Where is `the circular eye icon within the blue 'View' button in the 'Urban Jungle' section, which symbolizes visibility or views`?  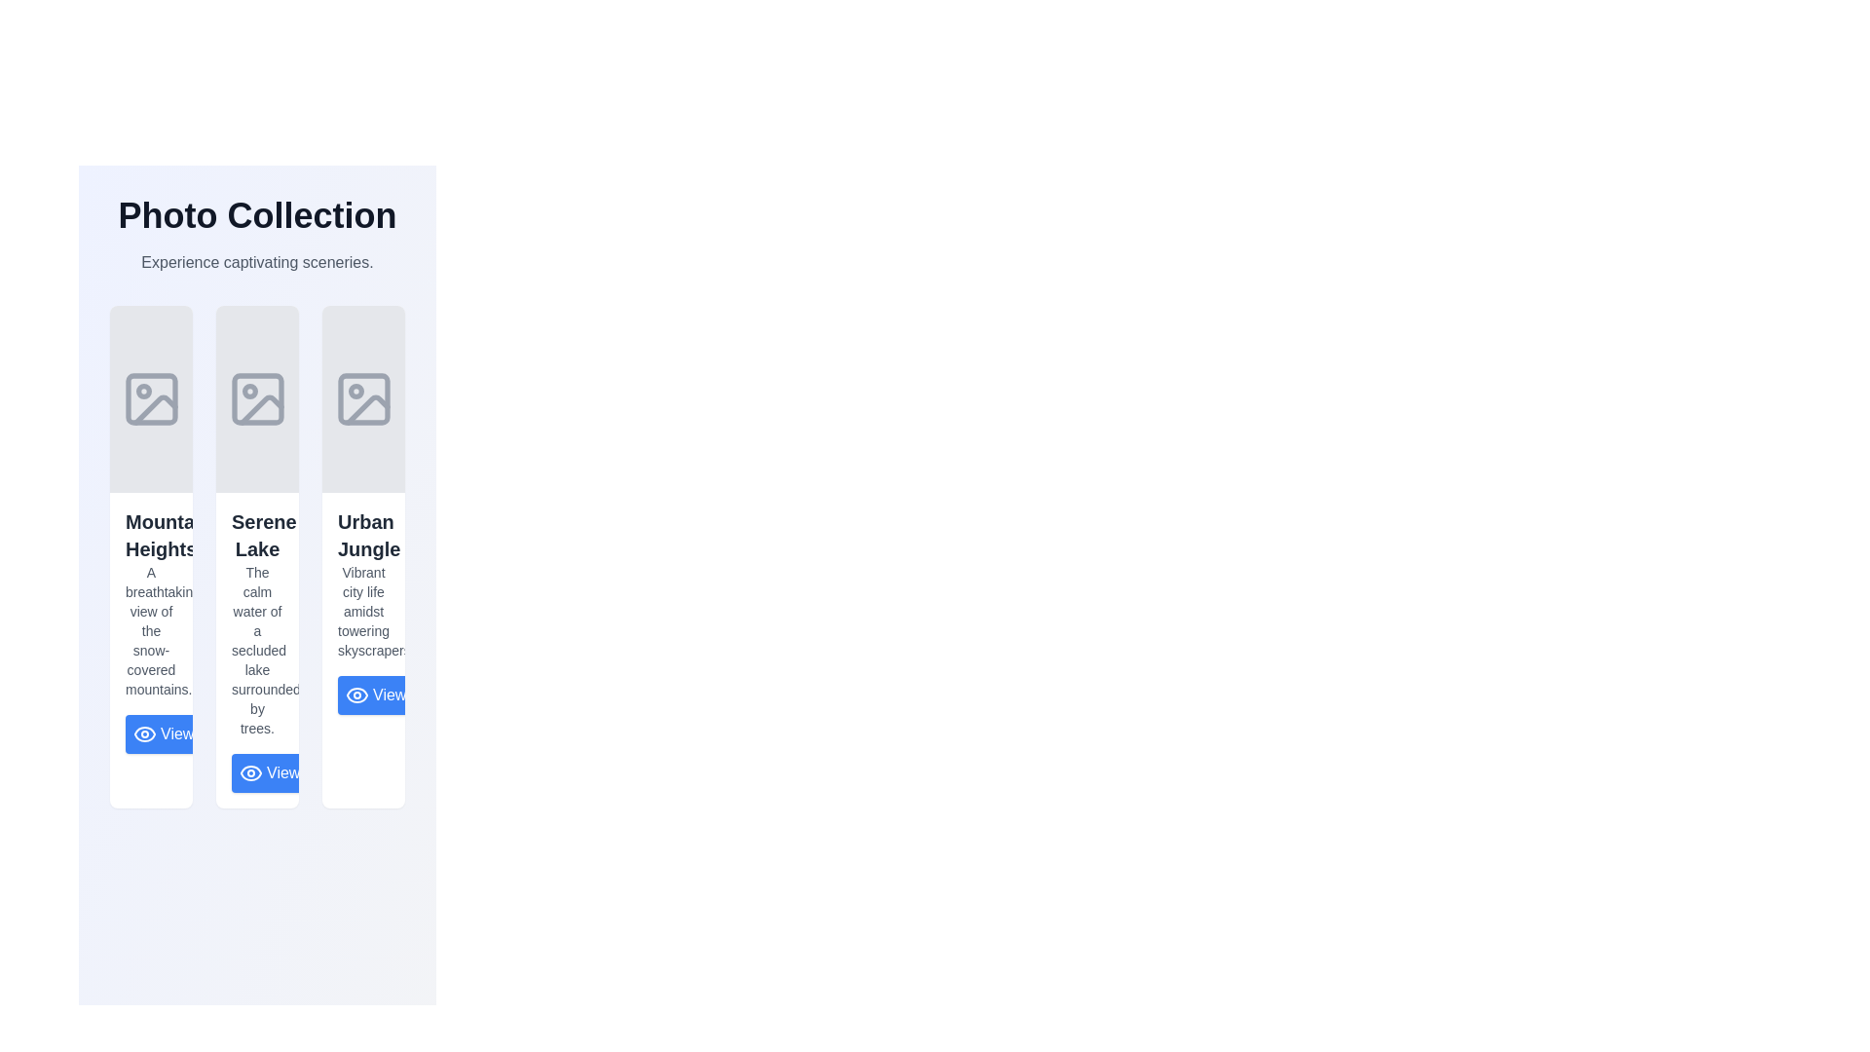 the circular eye icon within the blue 'View' button in the 'Urban Jungle' section, which symbolizes visibility or views is located at coordinates (356, 694).